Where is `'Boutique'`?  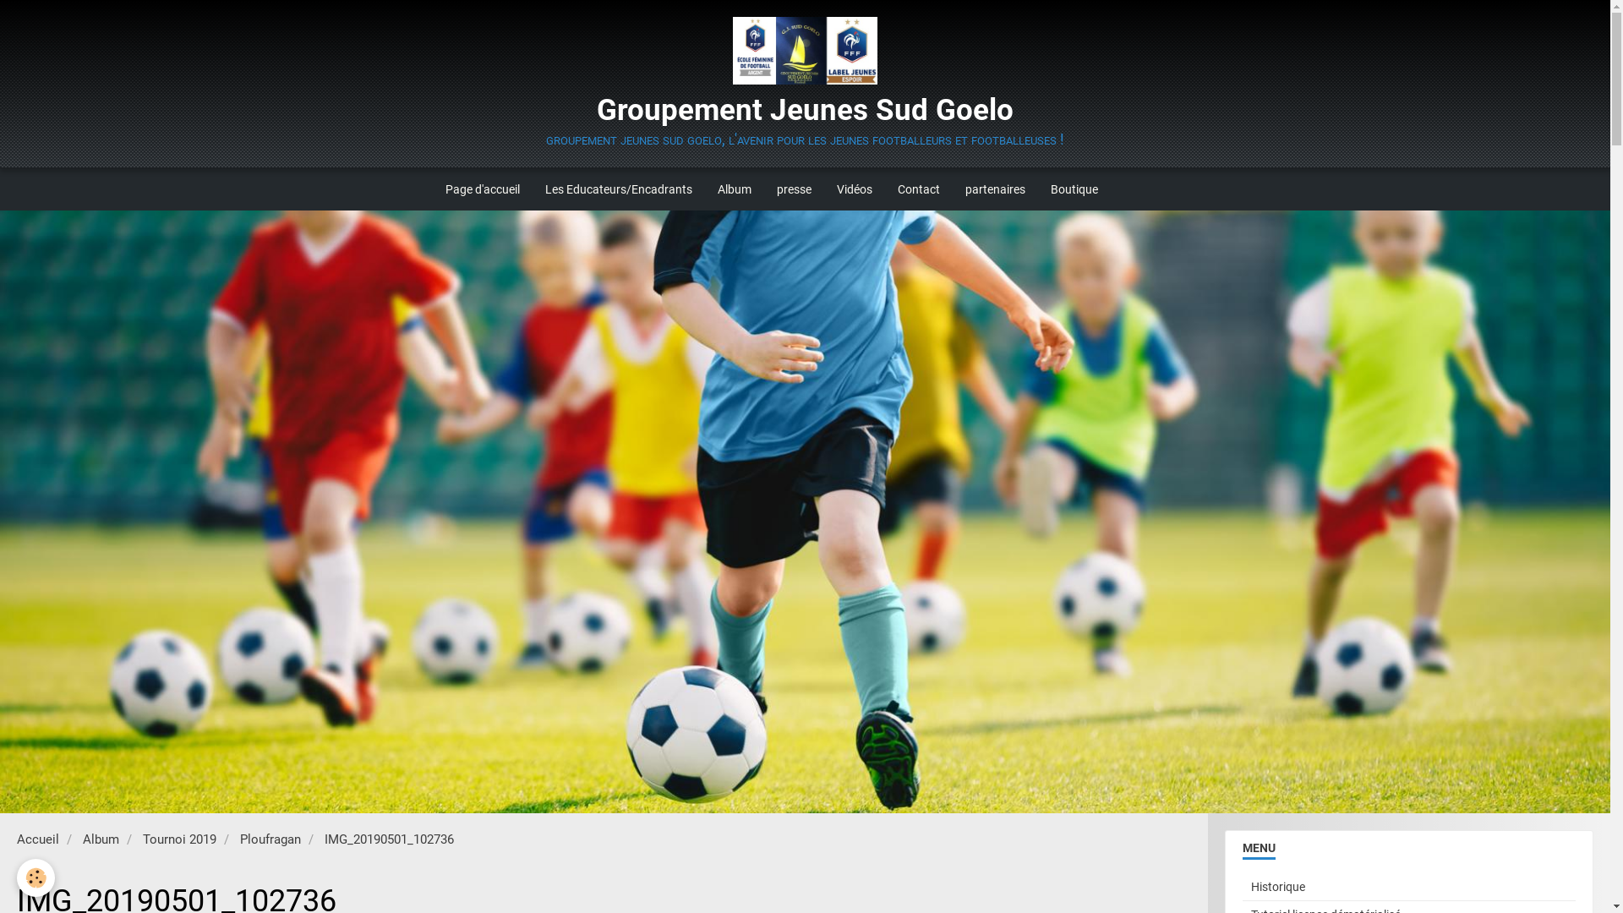 'Boutique' is located at coordinates (1074, 189).